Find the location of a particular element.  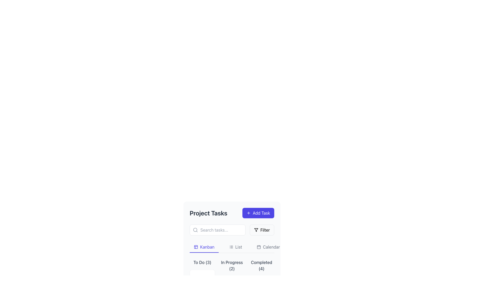

the 'List' tab in the navigation bar is located at coordinates (231, 247).